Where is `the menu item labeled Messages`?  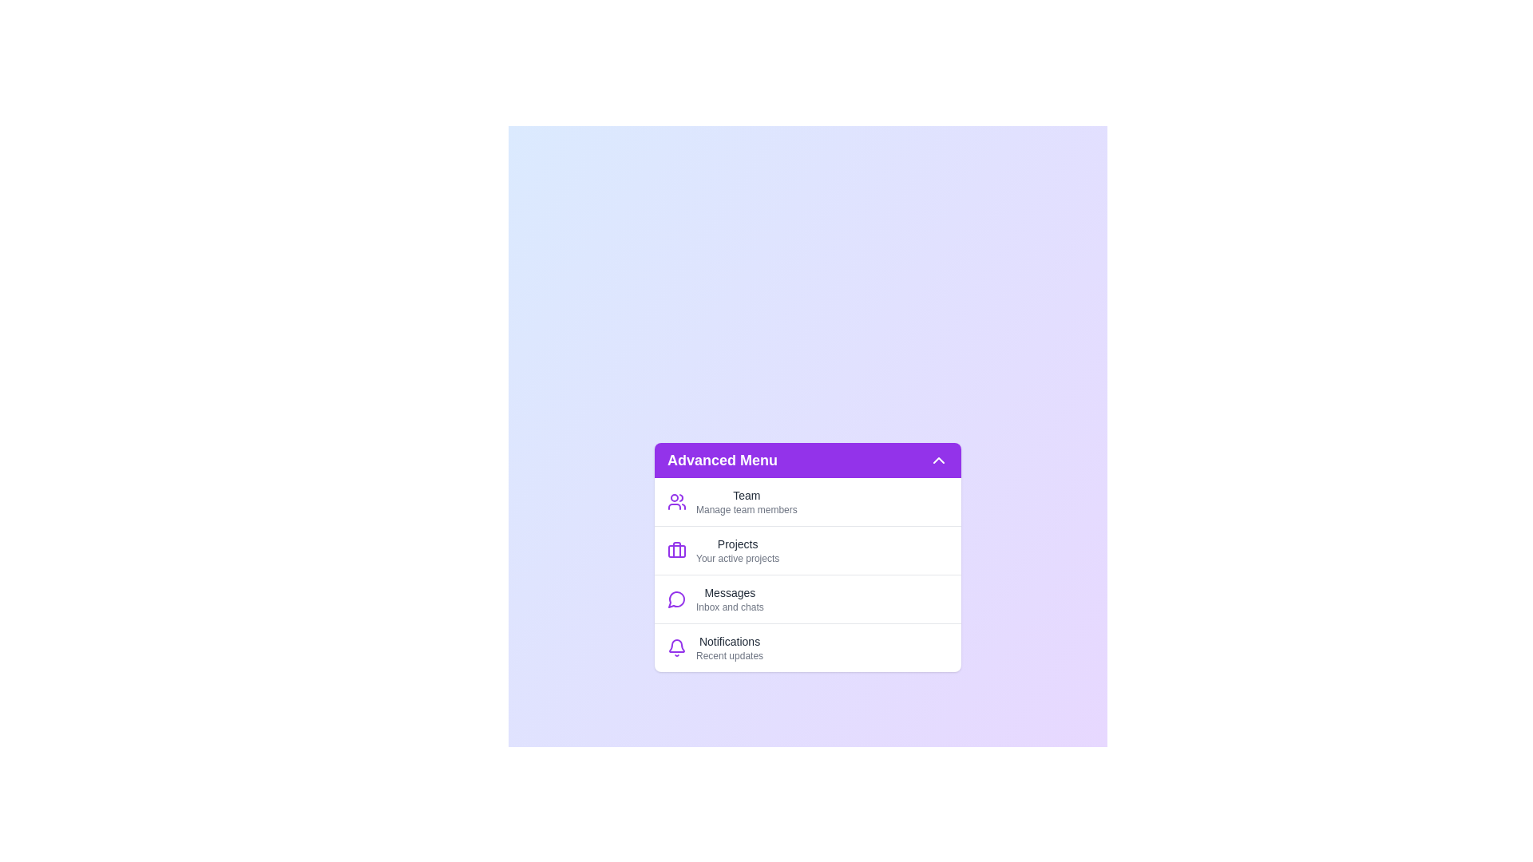 the menu item labeled Messages is located at coordinates (808, 598).